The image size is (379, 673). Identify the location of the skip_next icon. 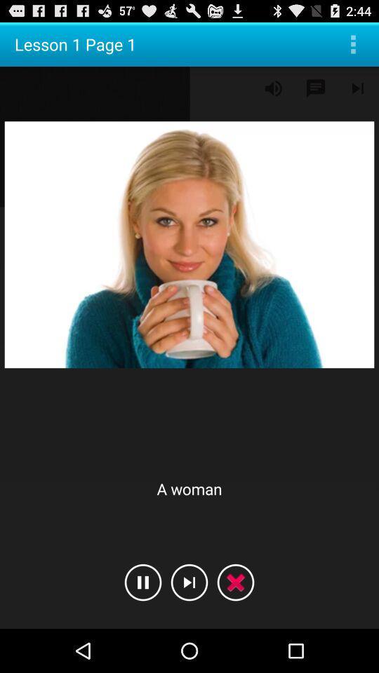
(357, 93).